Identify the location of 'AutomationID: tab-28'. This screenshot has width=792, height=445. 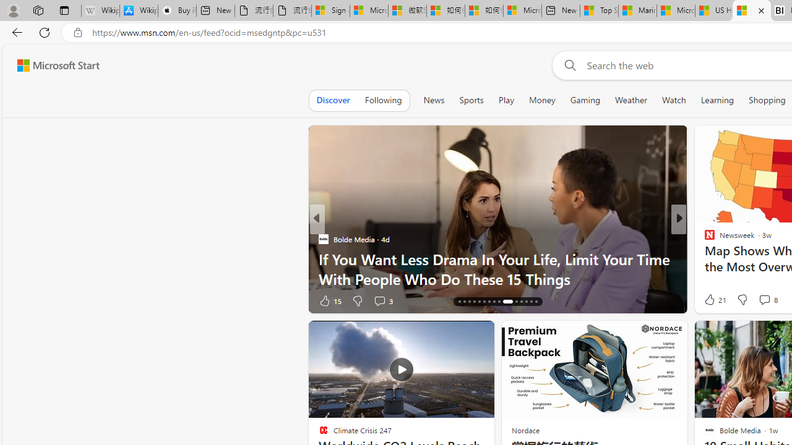
(526, 302).